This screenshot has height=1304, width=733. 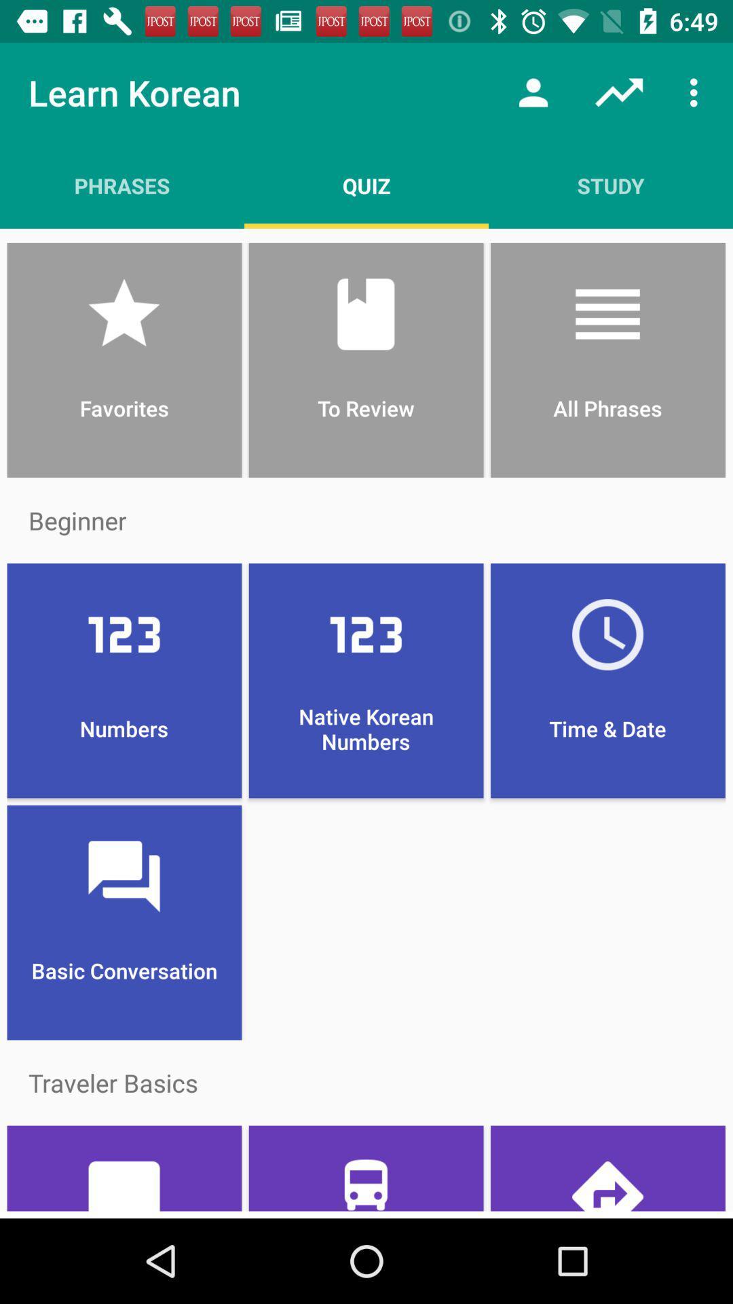 What do you see at coordinates (609, 185) in the screenshot?
I see `study icon` at bounding box center [609, 185].